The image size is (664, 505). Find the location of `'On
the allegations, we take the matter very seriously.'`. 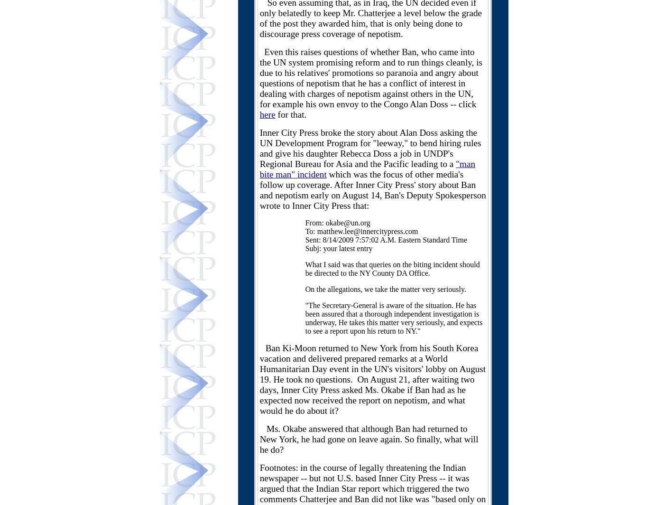

'On
the allegations, we take the matter very seriously.' is located at coordinates (385, 289).